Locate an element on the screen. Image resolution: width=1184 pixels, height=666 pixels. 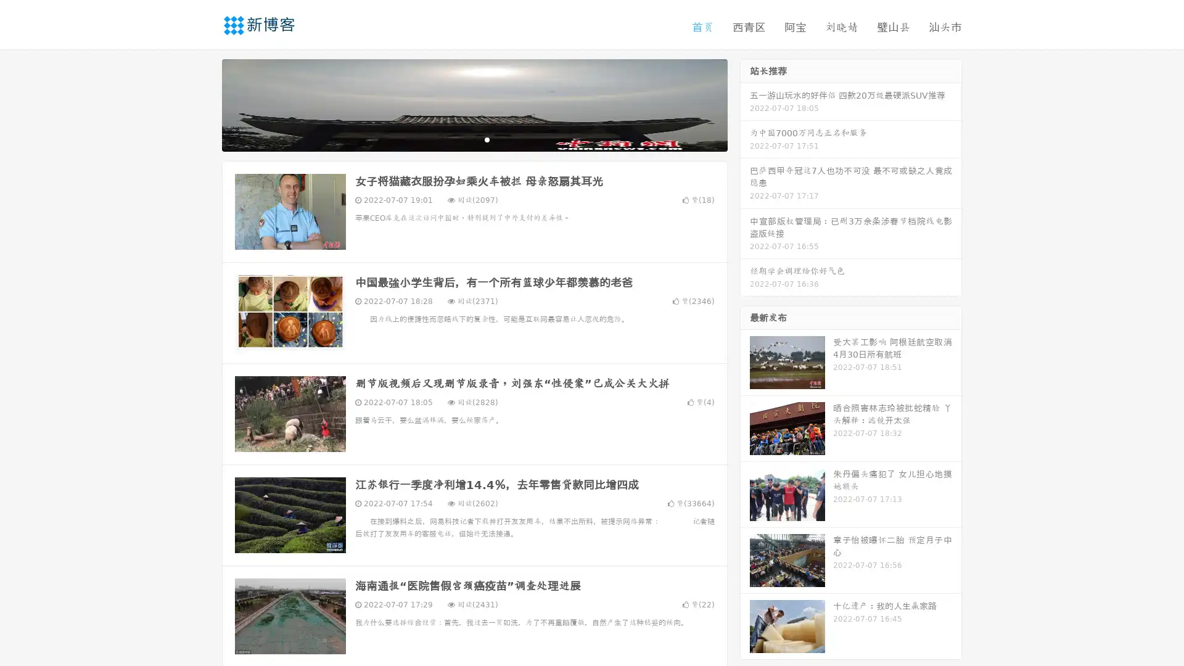
Go to slide 3 is located at coordinates (487, 139).